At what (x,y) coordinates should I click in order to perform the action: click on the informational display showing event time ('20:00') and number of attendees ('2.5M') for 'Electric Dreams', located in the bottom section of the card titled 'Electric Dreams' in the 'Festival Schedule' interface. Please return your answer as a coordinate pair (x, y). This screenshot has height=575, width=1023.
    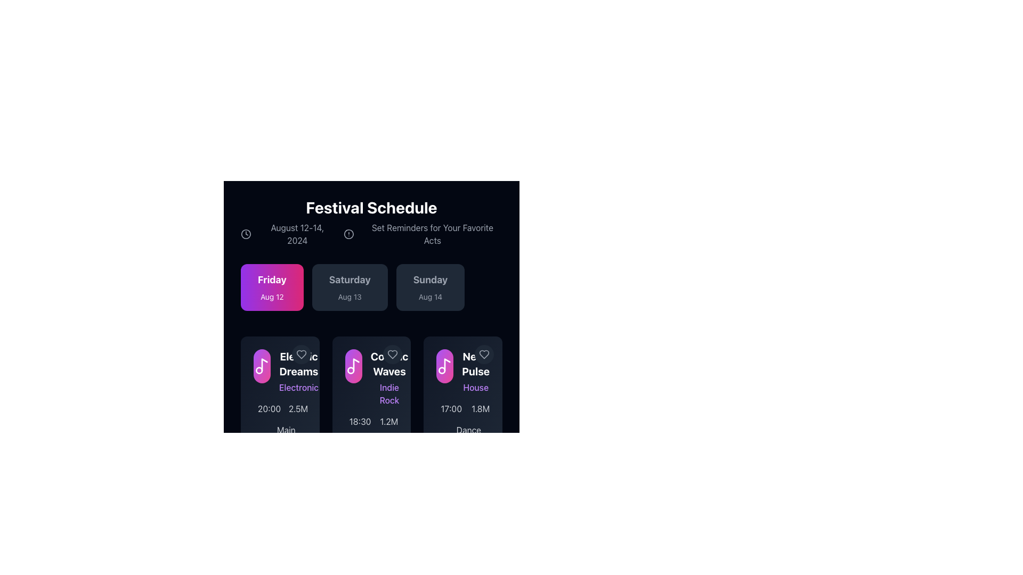
    Looking at the image, I should click on (280, 408).